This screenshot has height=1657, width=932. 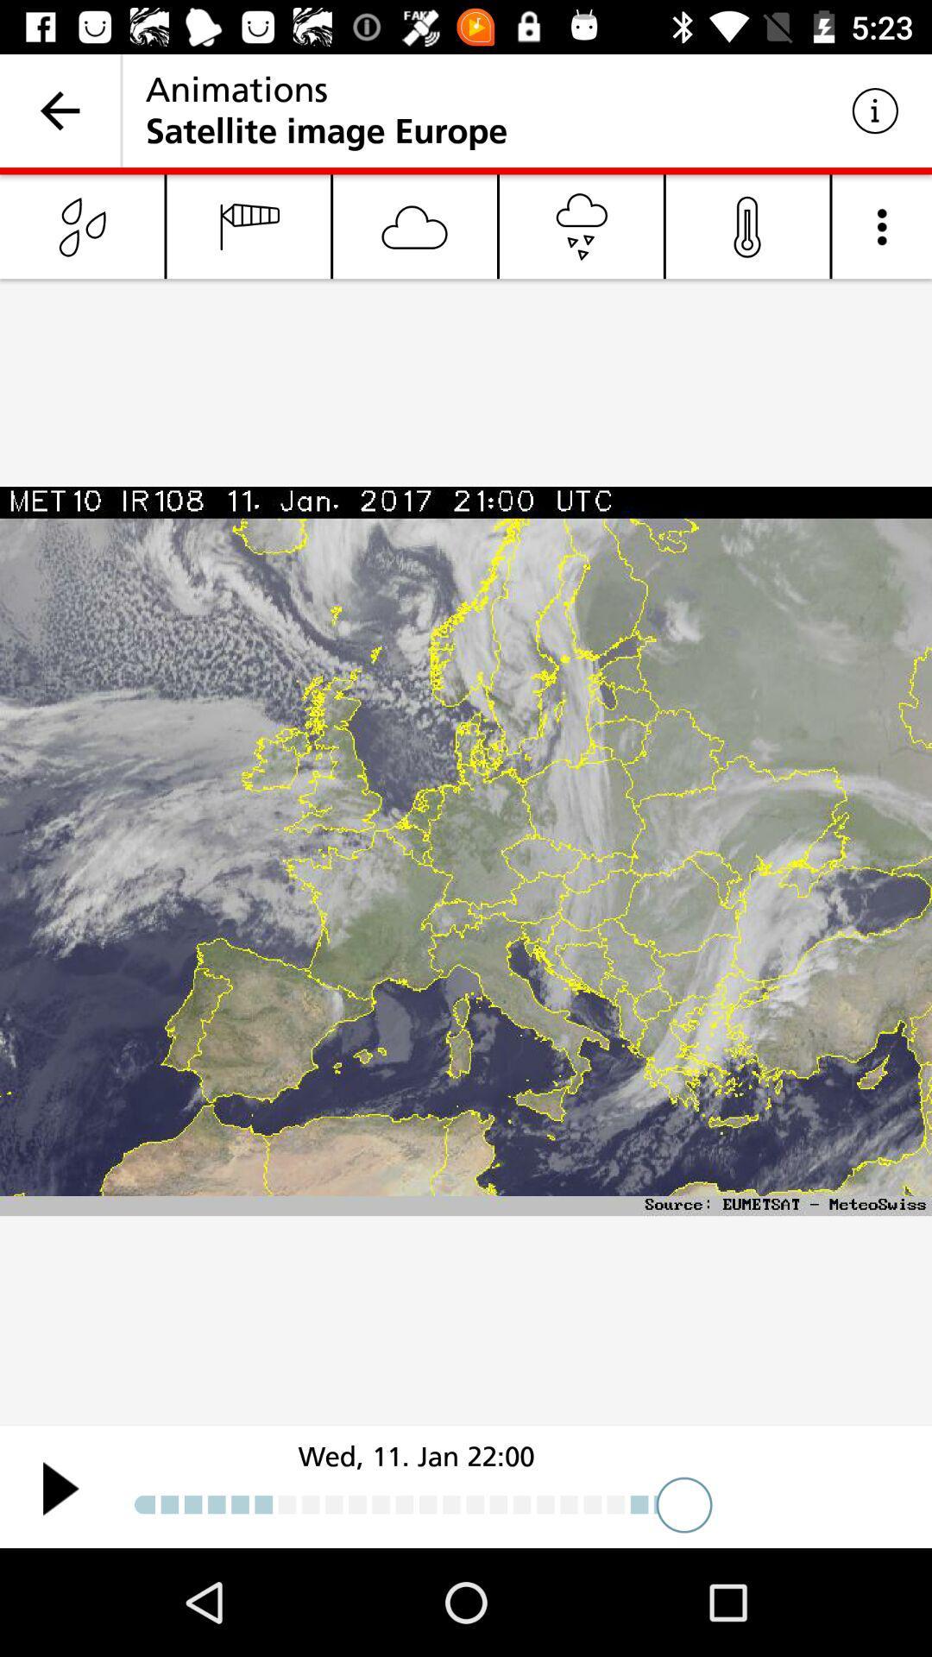 What do you see at coordinates (875, 110) in the screenshot?
I see `item next to the animations item` at bounding box center [875, 110].